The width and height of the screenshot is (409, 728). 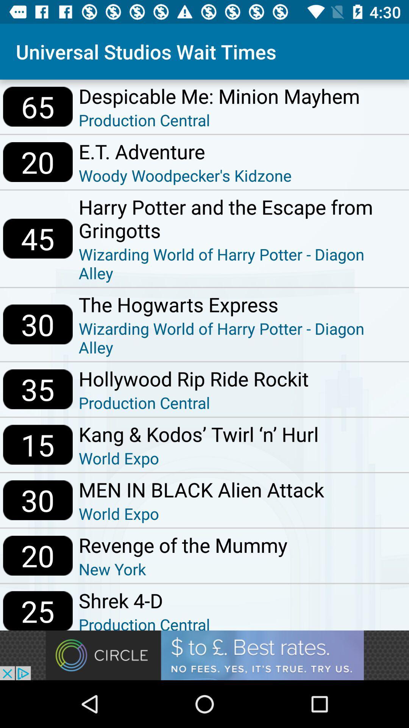 What do you see at coordinates (183, 569) in the screenshot?
I see `the item to the right of 20 icon` at bounding box center [183, 569].